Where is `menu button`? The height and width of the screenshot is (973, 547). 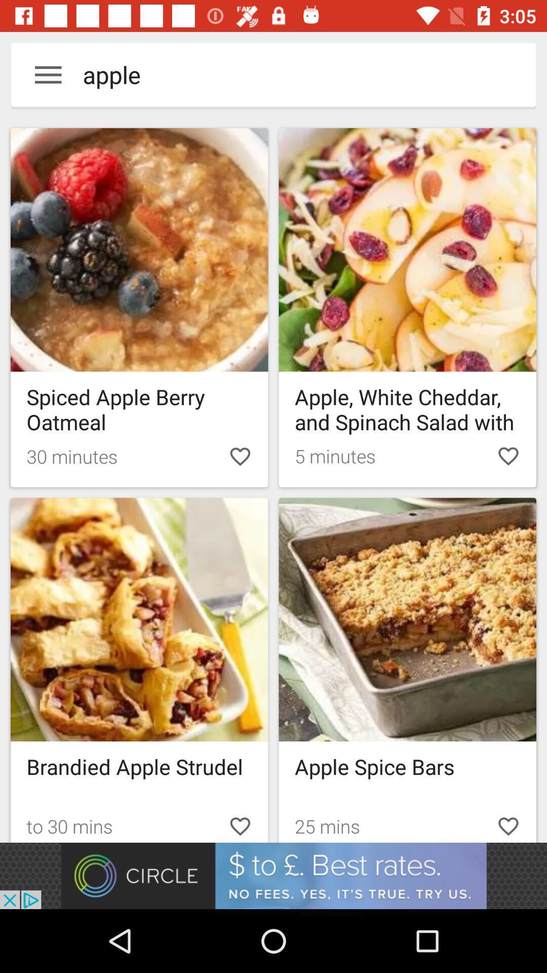
menu button is located at coordinates (48, 74).